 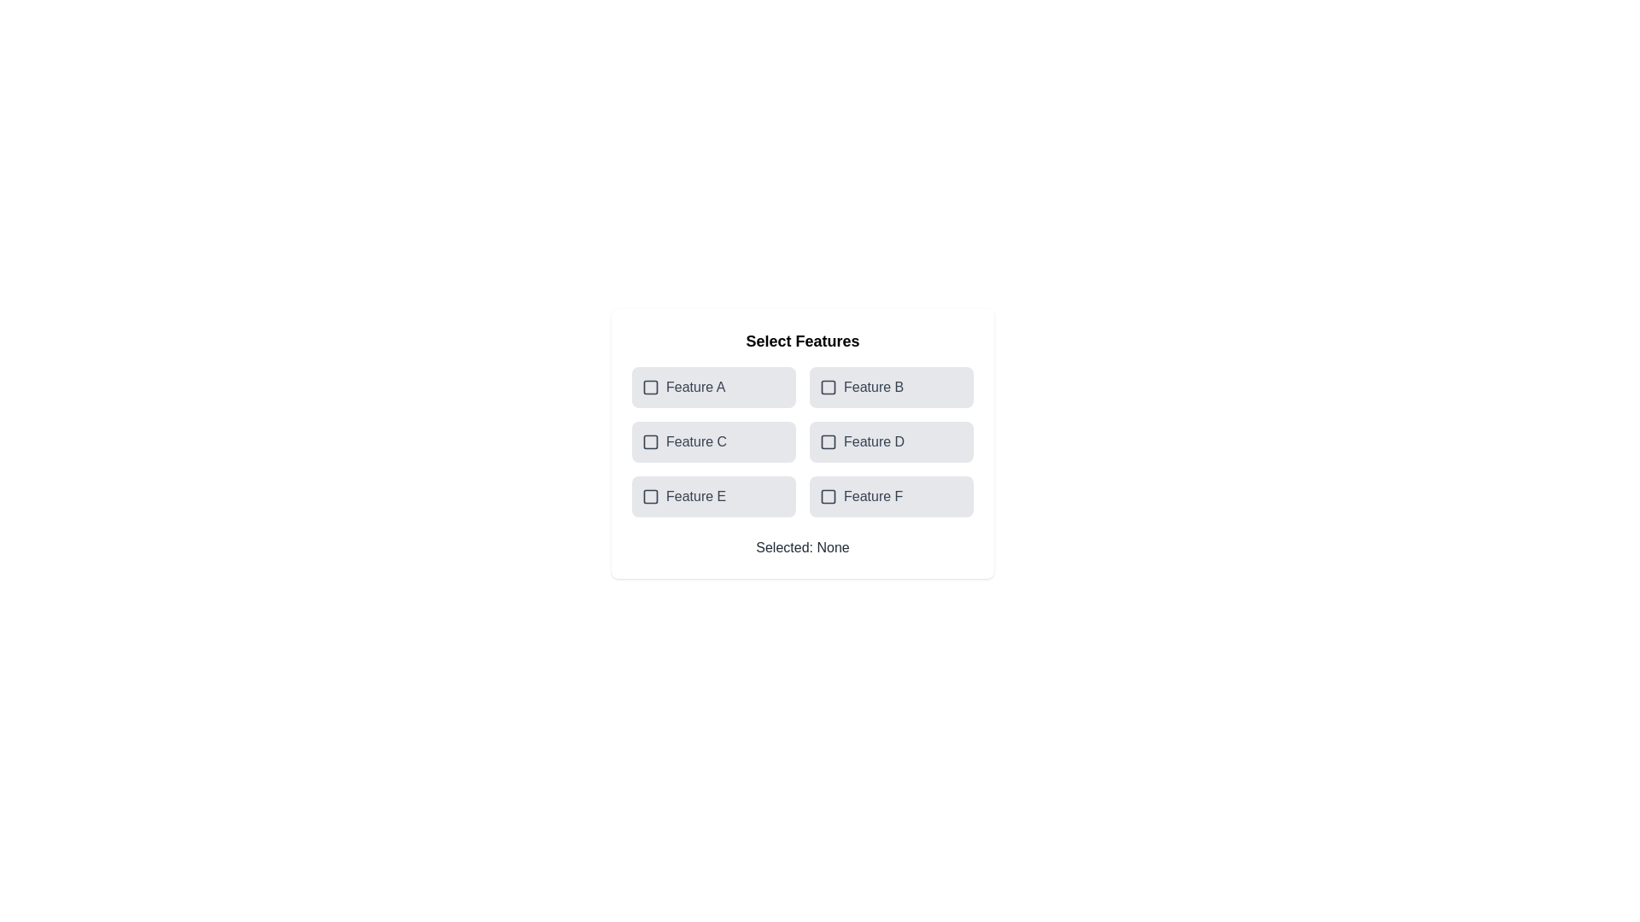 I want to click on the selectable checkbox that represents the feature labeled 'Feature B', located in the top-right portion of the feature selection interface under the title 'Select Features', so click(x=828, y=388).